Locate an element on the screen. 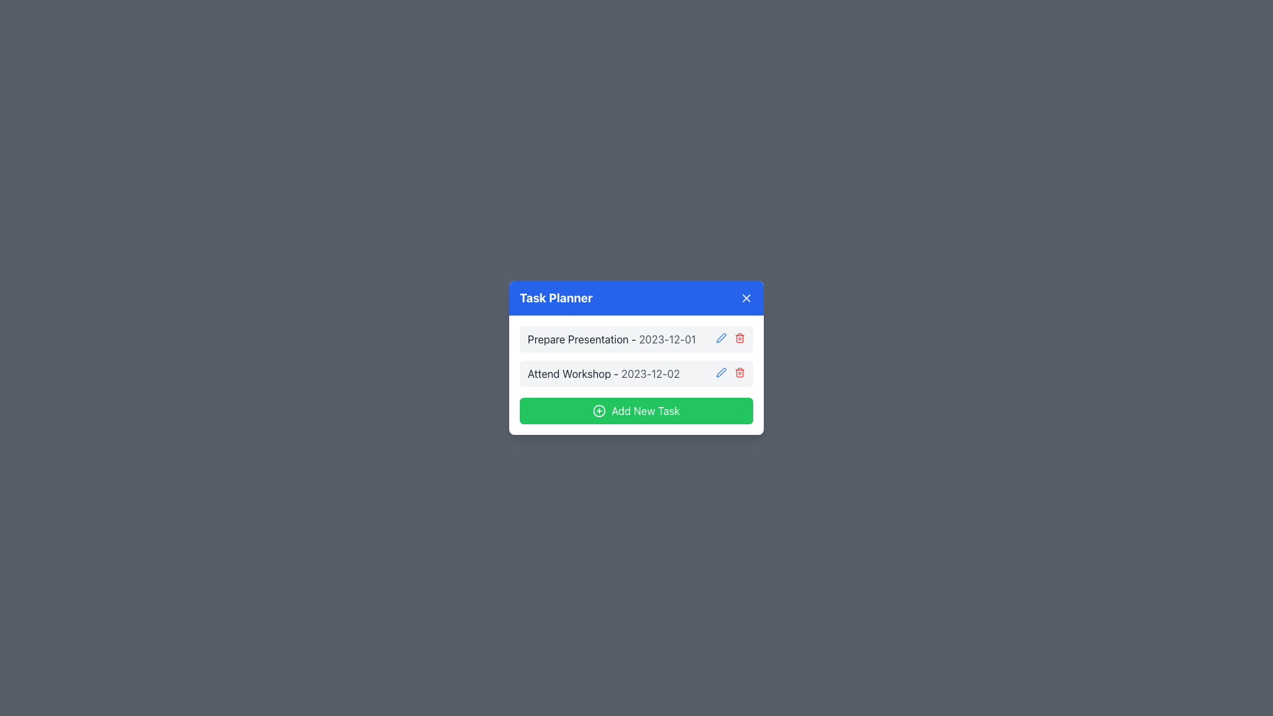 The image size is (1273, 716). the label containing the text 'Attend Workshop - 2023-12-02' located in the second task entry of the 'Task Planner' card is located at coordinates (603, 373).